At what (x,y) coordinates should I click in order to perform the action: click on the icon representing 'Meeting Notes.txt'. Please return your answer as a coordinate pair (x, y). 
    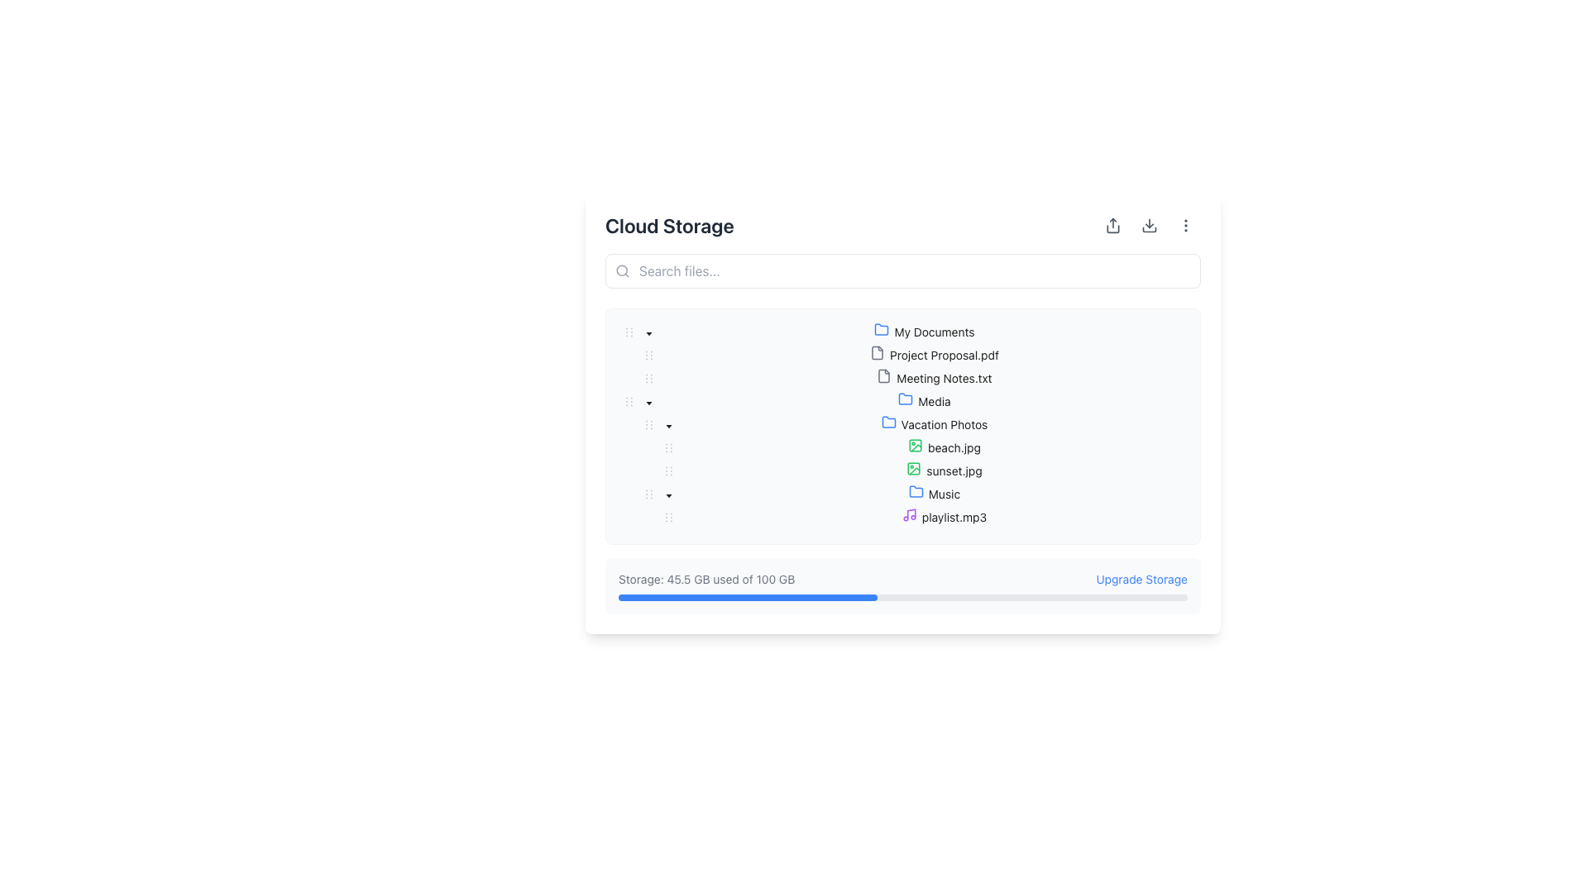
    Looking at the image, I should click on (883, 376).